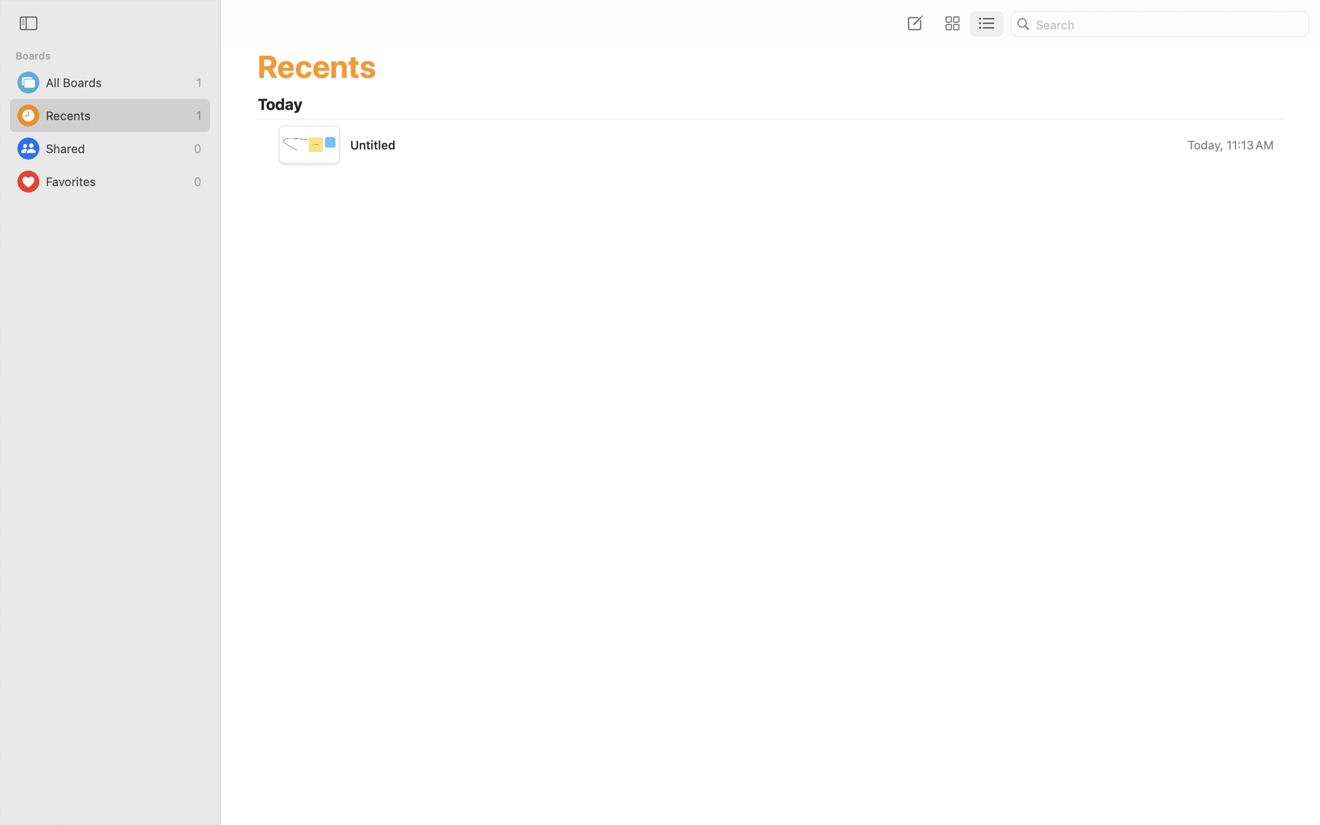 The height and width of the screenshot is (825, 1320). Describe the element at coordinates (117, 148) in the screenshot. I see `'Shared'` at that location.